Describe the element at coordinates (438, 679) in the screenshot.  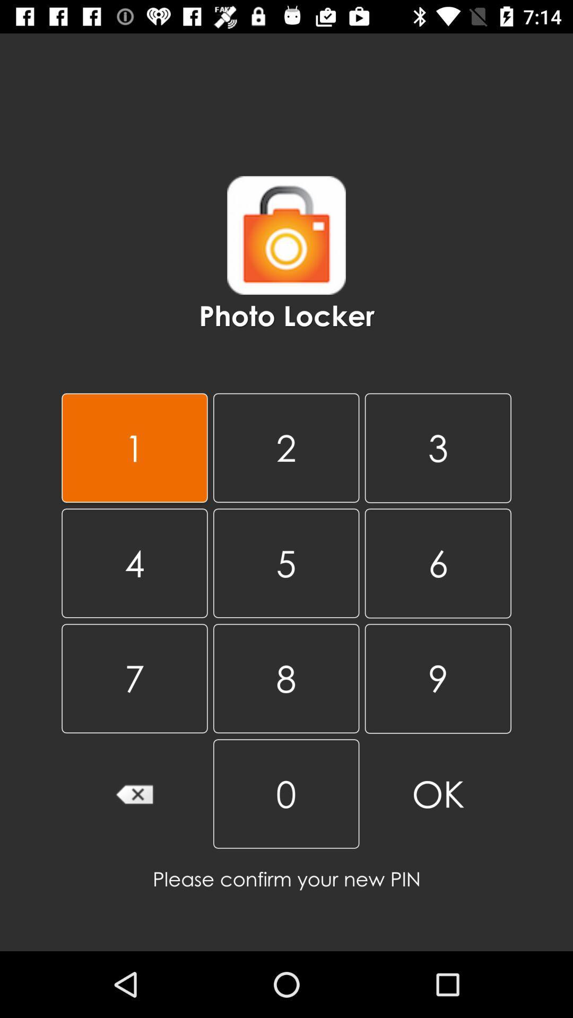
I see `9 item` at that location.